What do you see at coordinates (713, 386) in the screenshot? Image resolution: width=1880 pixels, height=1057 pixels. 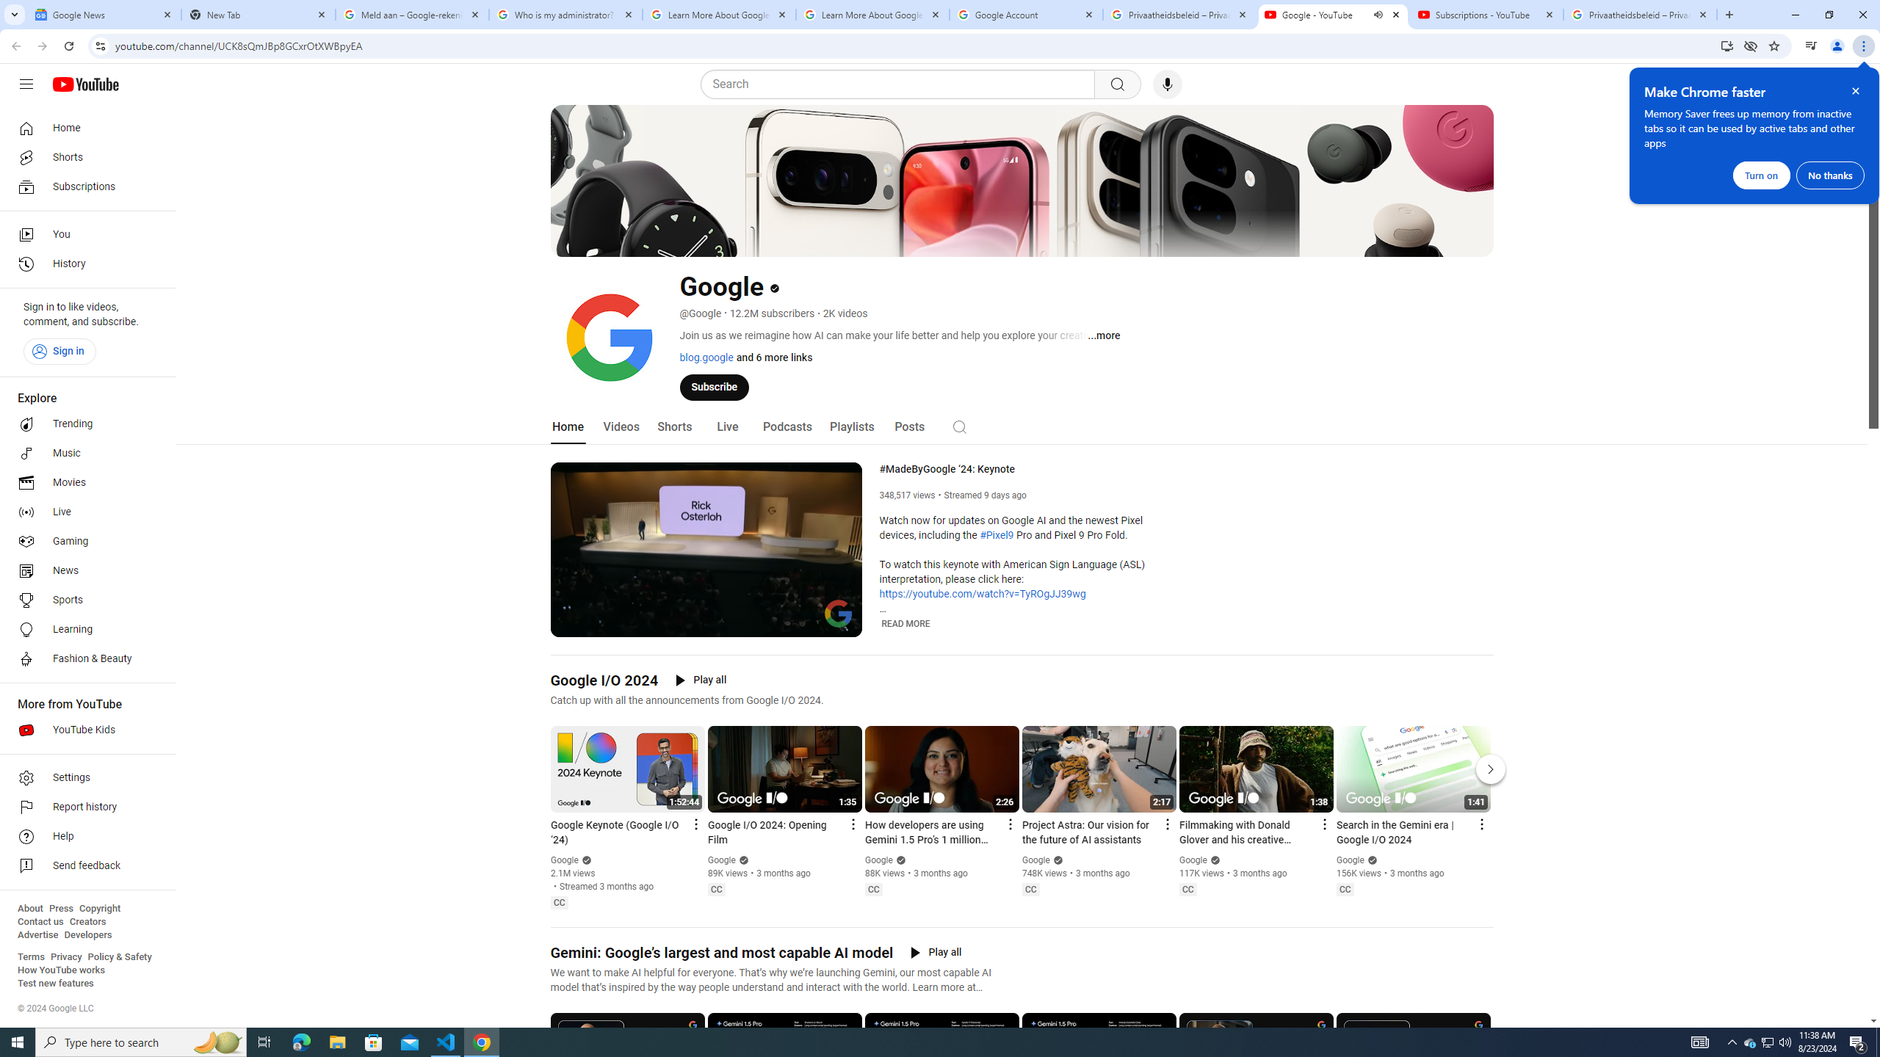 I see `'Subscribe'` at bounding box center [713, 386].